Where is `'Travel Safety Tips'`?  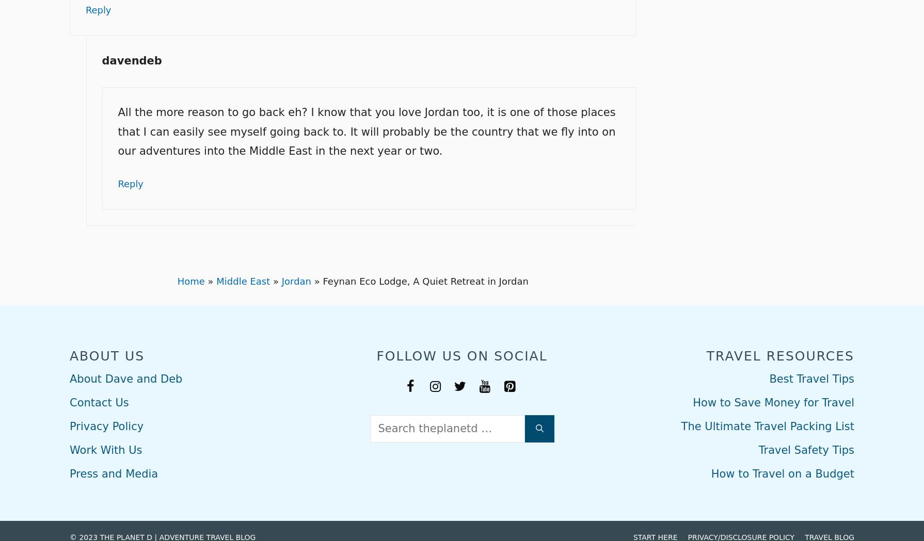
'Travel Safety Tips' is located at coordinates (805, 449).